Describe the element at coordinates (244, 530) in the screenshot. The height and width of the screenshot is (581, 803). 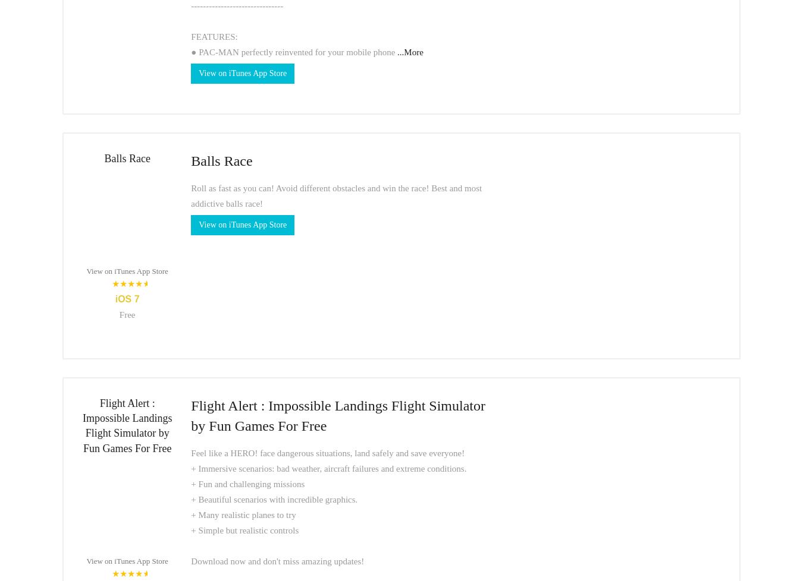
I see `'+ Simple but realistic controls'` at that location.